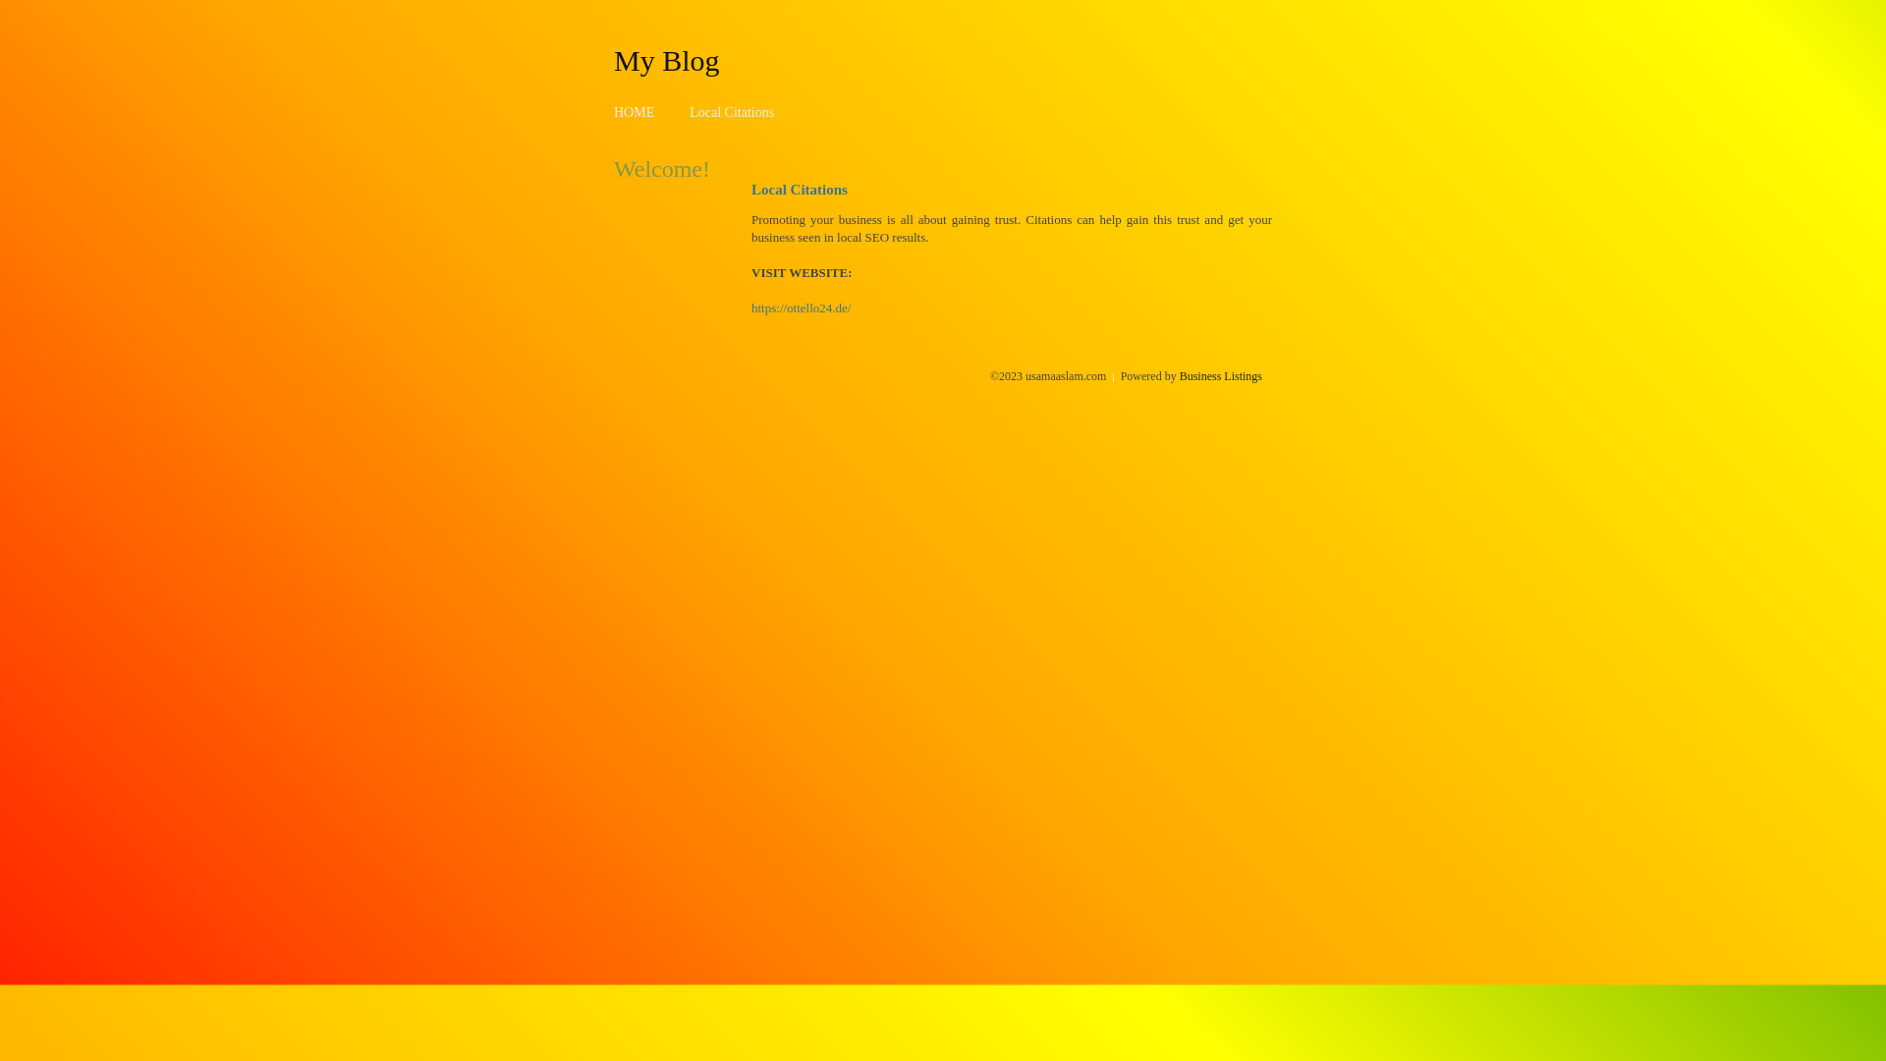 The height and width of the screenshot is (1061, 1886). I want to click on 'https://ottello24.de/', so click(801, 307).